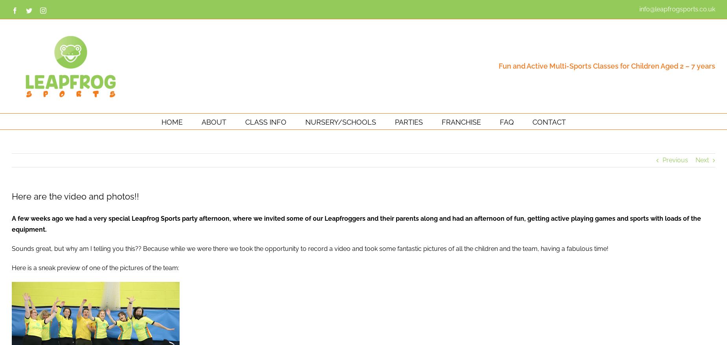 The height and width of the screenshot is (345, 727). Describe the element at coordinates (677, 9) in the screenshot. I see `'info@leapfrogsports.co.uk'` at that location.